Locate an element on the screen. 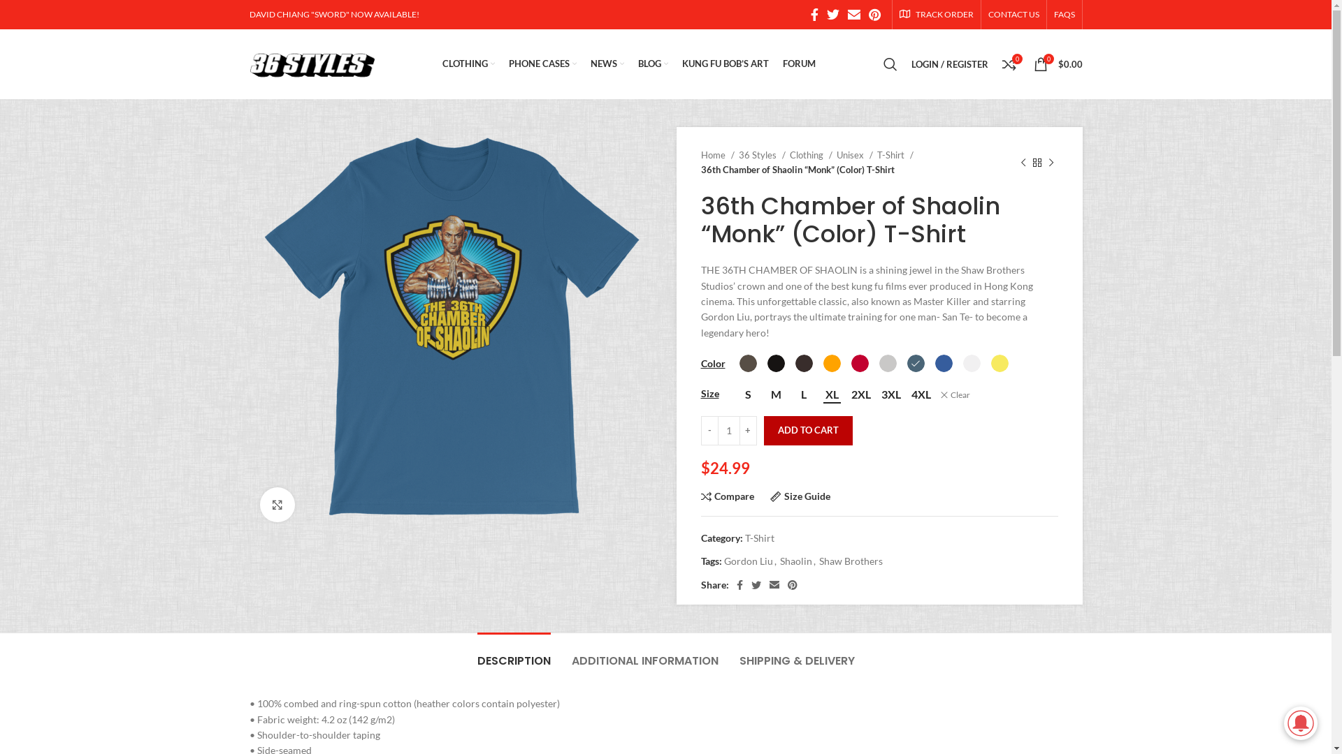 Image resolution: width=1342 pixels, height=754 pixels. 'Shaolin' is located at coordinates (779, 560).